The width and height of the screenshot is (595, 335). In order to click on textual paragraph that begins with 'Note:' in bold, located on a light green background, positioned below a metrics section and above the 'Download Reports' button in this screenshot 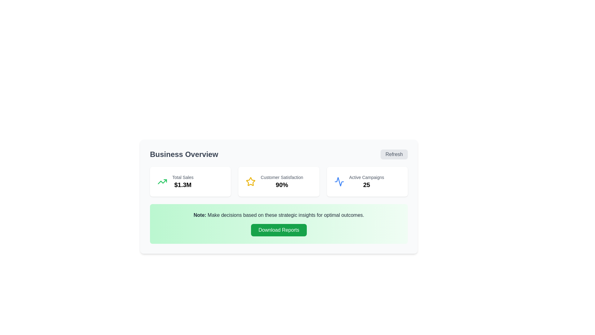, I will do `click(279, 215)`.